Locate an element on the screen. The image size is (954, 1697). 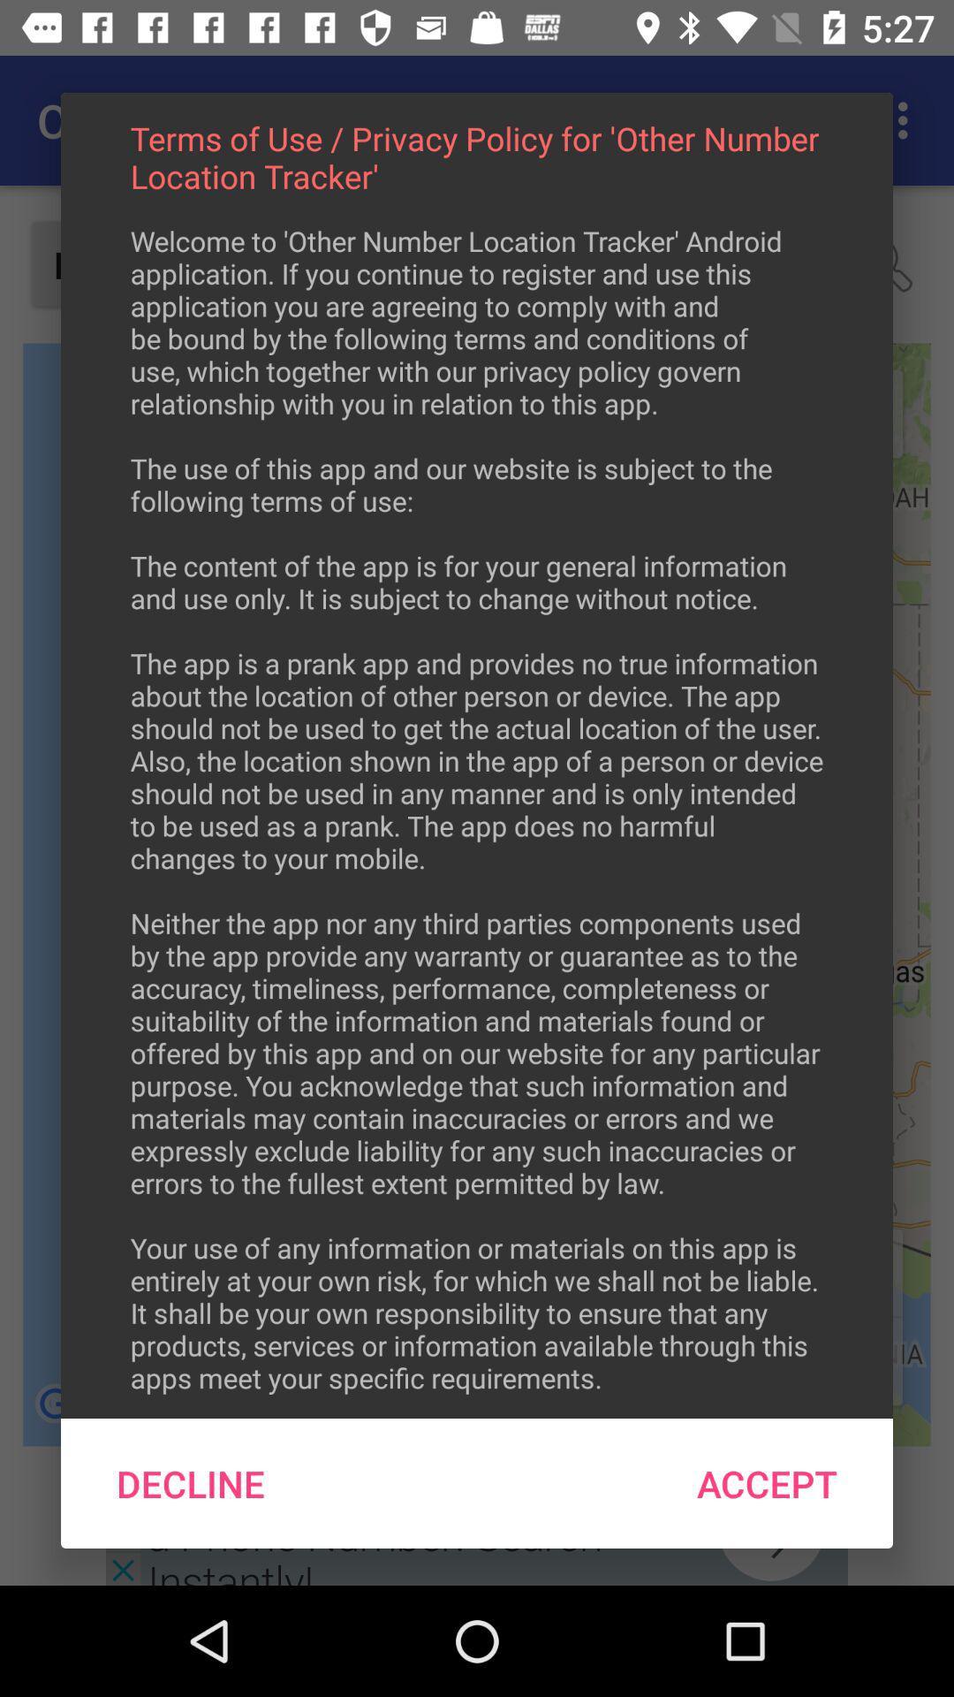
item below the welcome to other icon is located at coordinates (766, 1483).